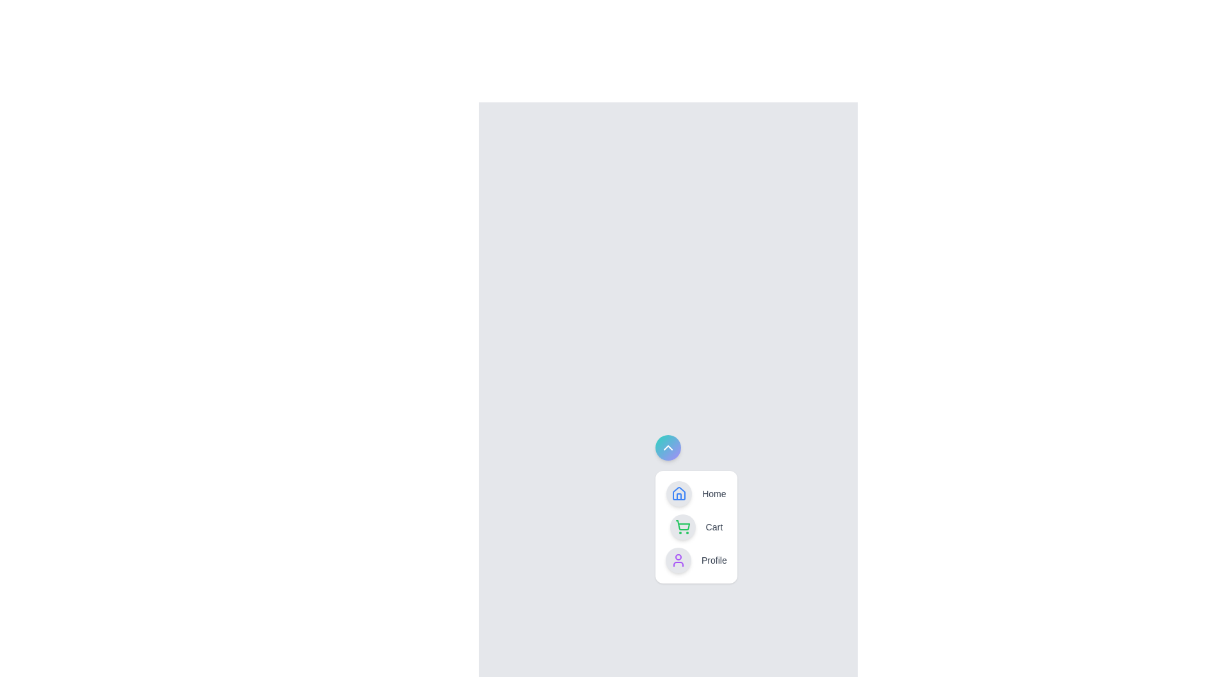  Describe the element at coordinates (695, 559) in the screenshot. I see `the menu item Profile by clicking on it` at that location.